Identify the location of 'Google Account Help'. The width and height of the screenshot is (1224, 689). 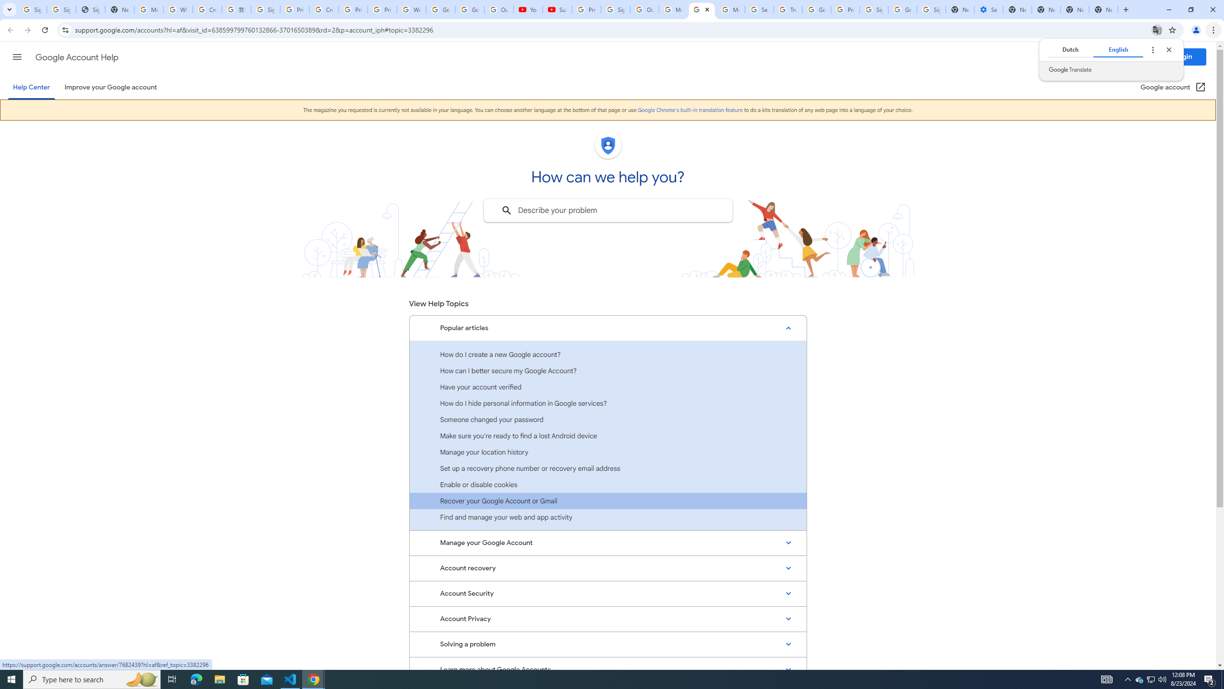
(76, 57).